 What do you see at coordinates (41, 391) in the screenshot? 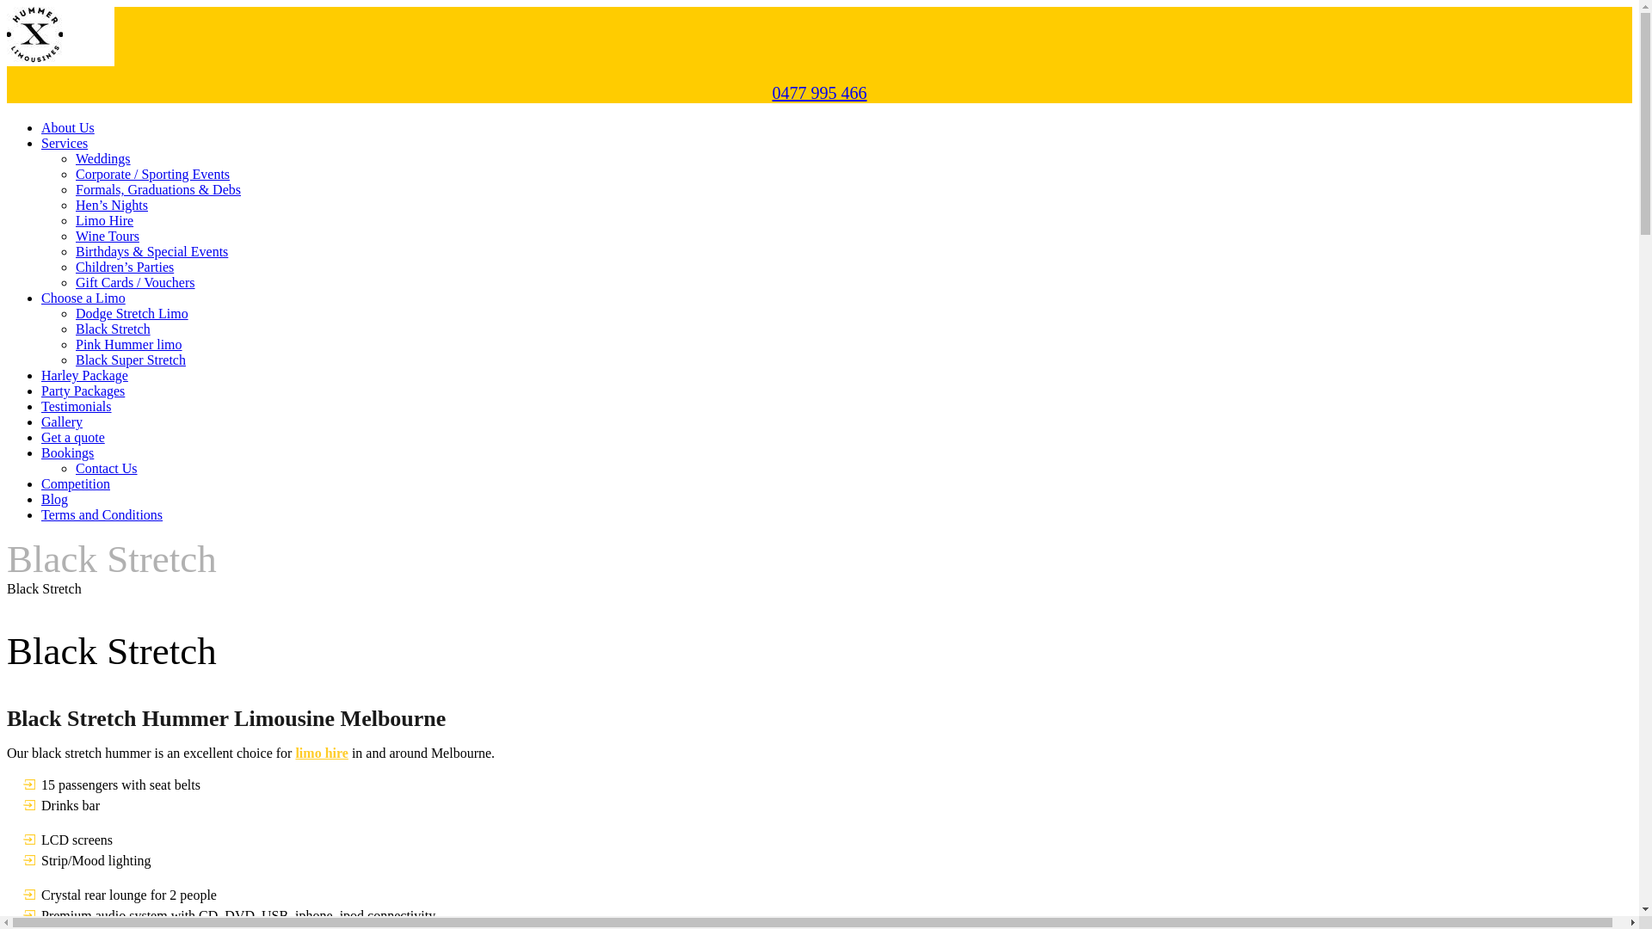
I see `'Party Packages'` at bounding box center [41, 391].